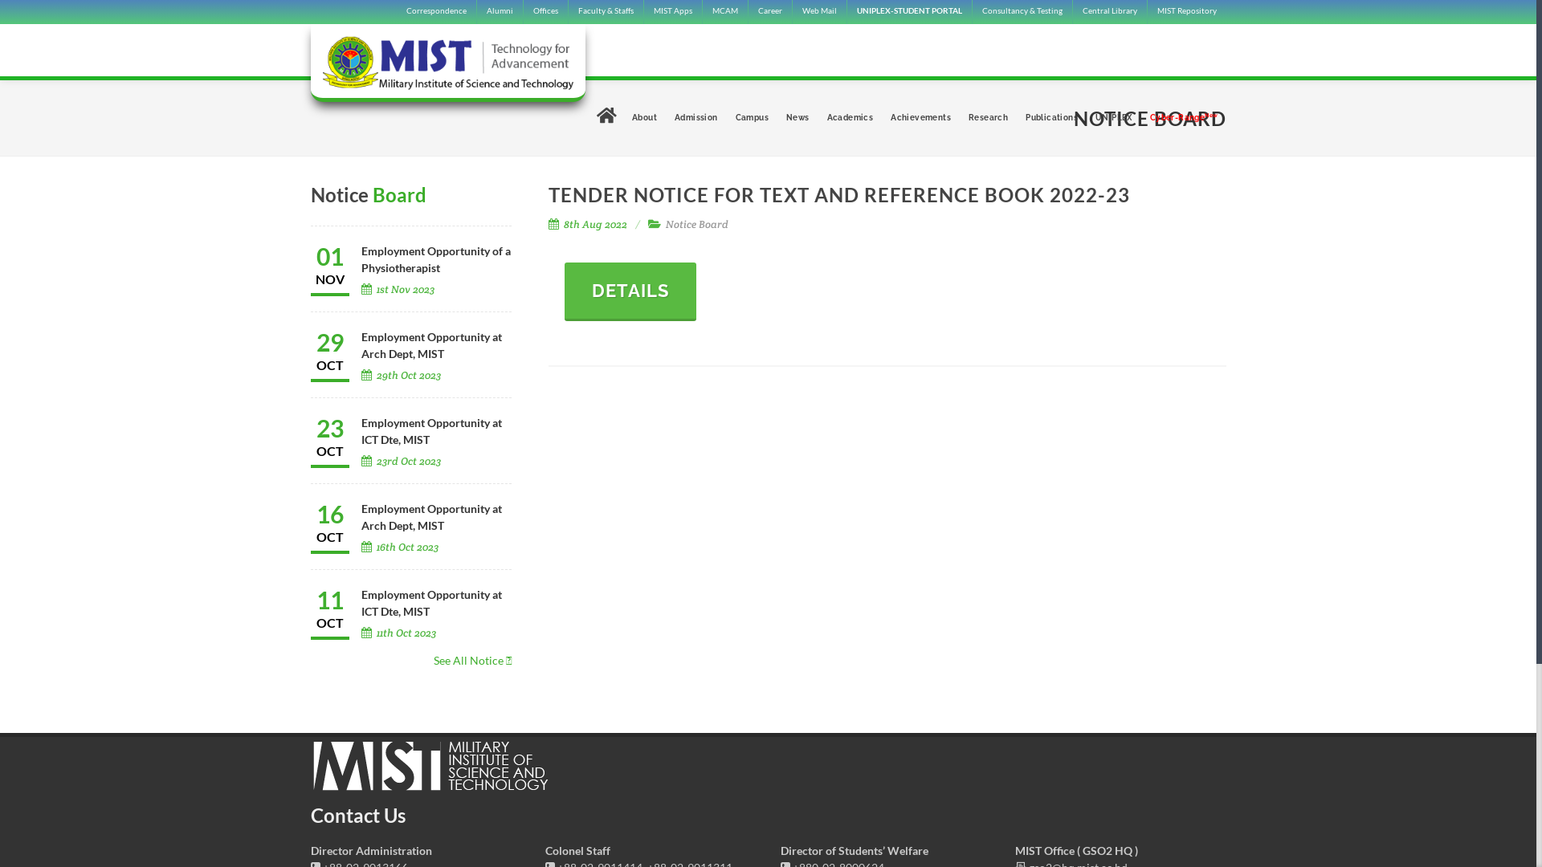 The width and height of the screenshot is (1542, 867). Describe the element at coordinates (987, 116) in the screenshot. I see `'Research'` at that location.